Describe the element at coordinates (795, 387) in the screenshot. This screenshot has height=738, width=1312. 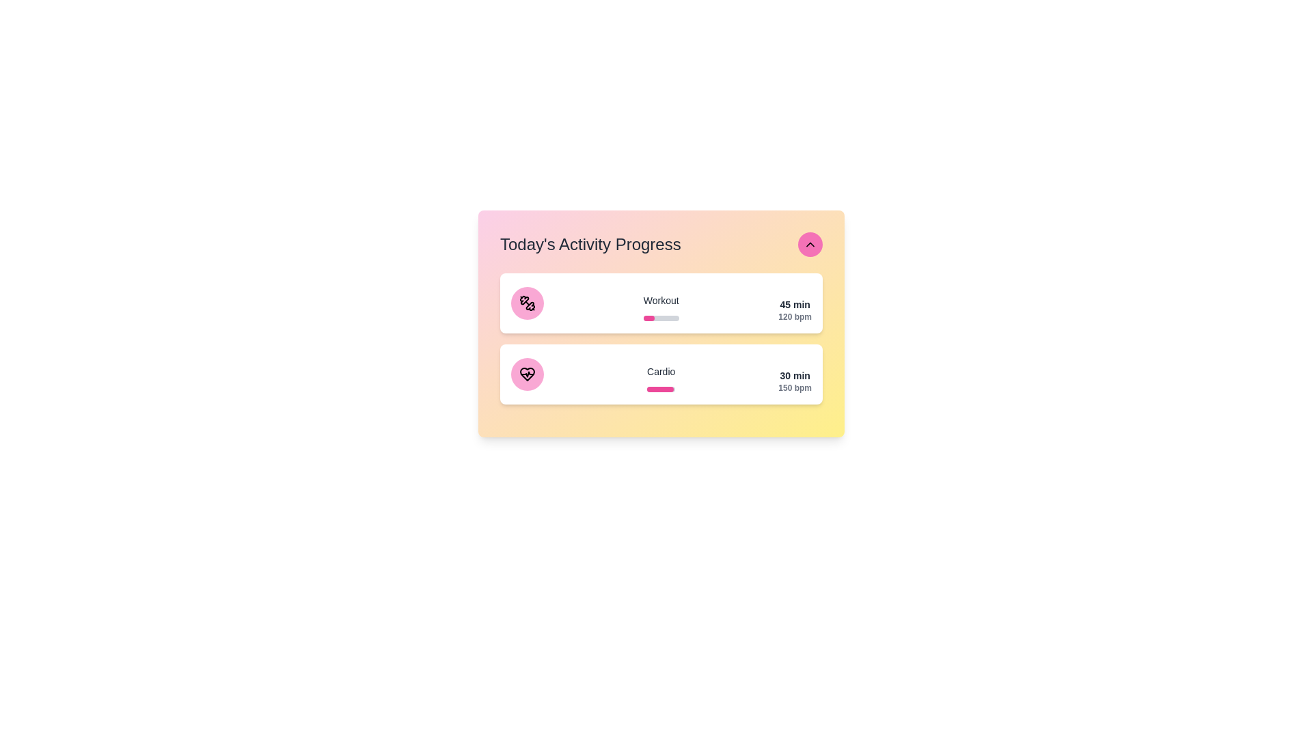
I see `text label displaying '150 bpm', which is a small, bold, gray font positioned below the '30 min' text in the 'Cardio' activity entry` at that location.